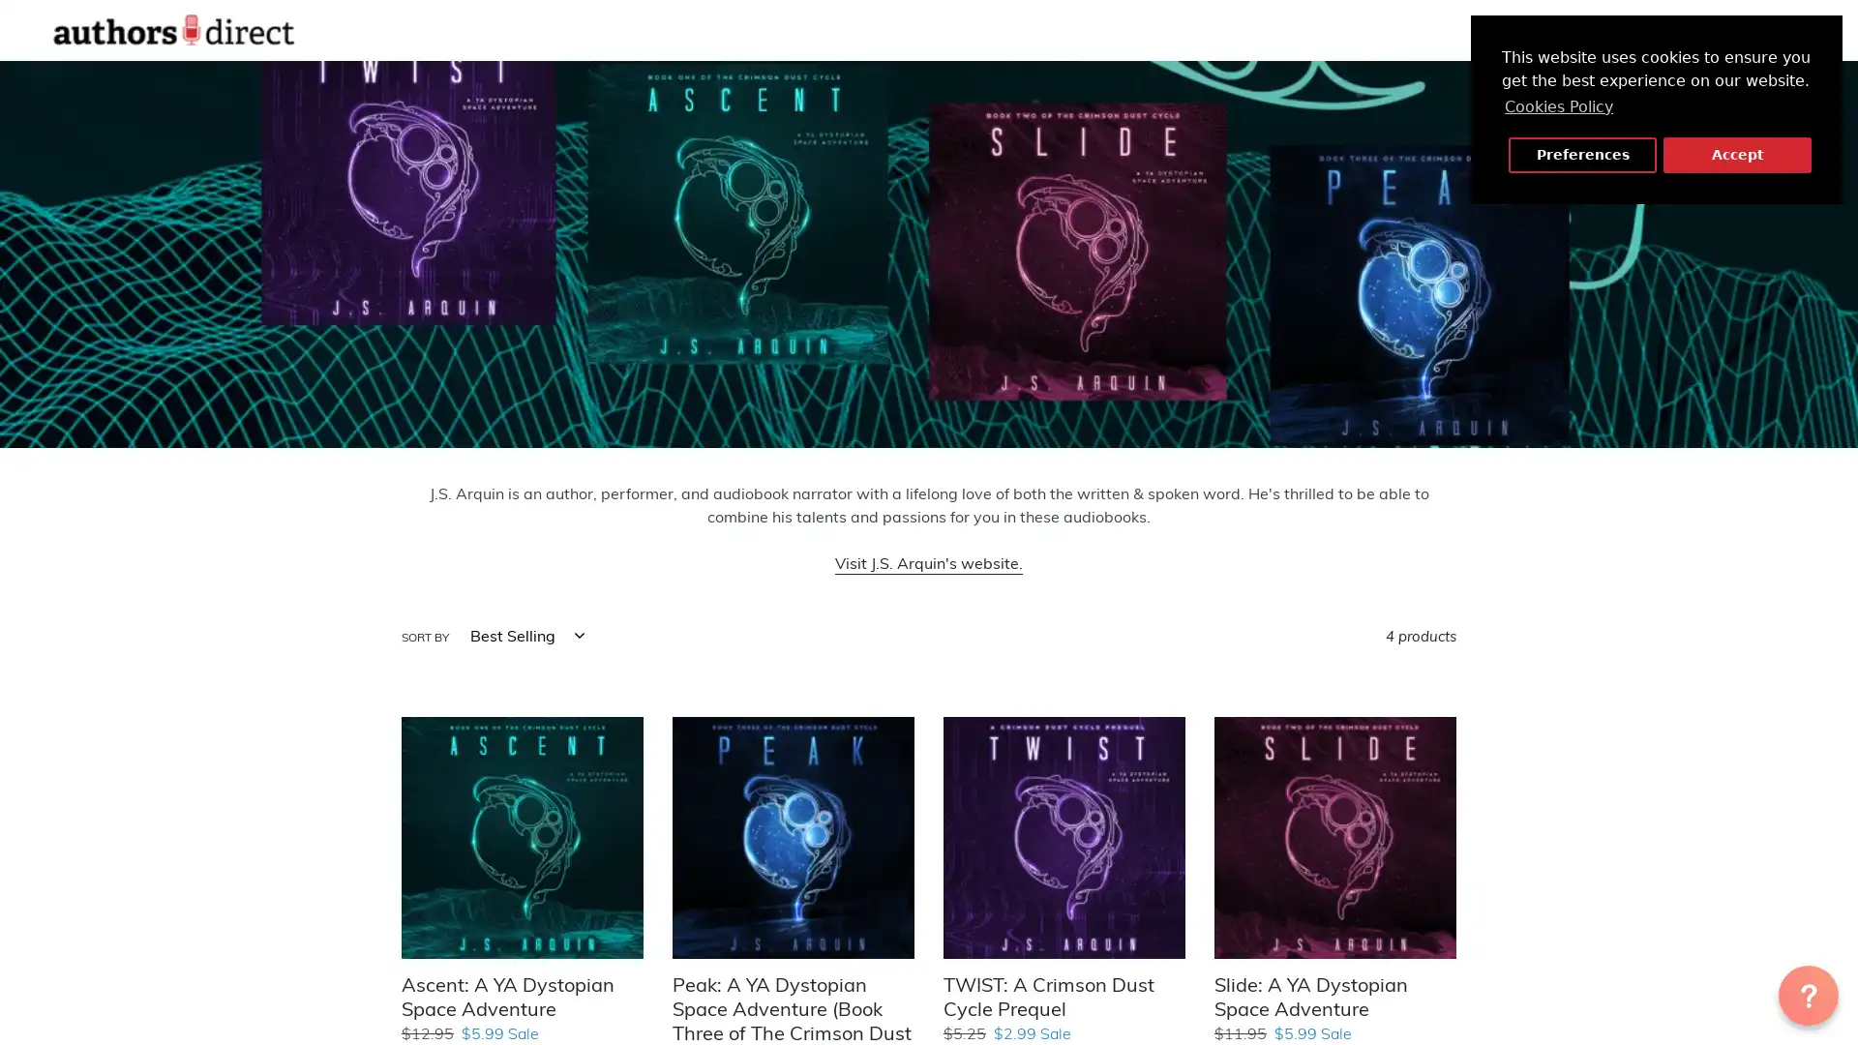  What do you see at coordinates (1582, 154) in the screenshot?
I see `Preferences` at bounding box center [1582, 154].